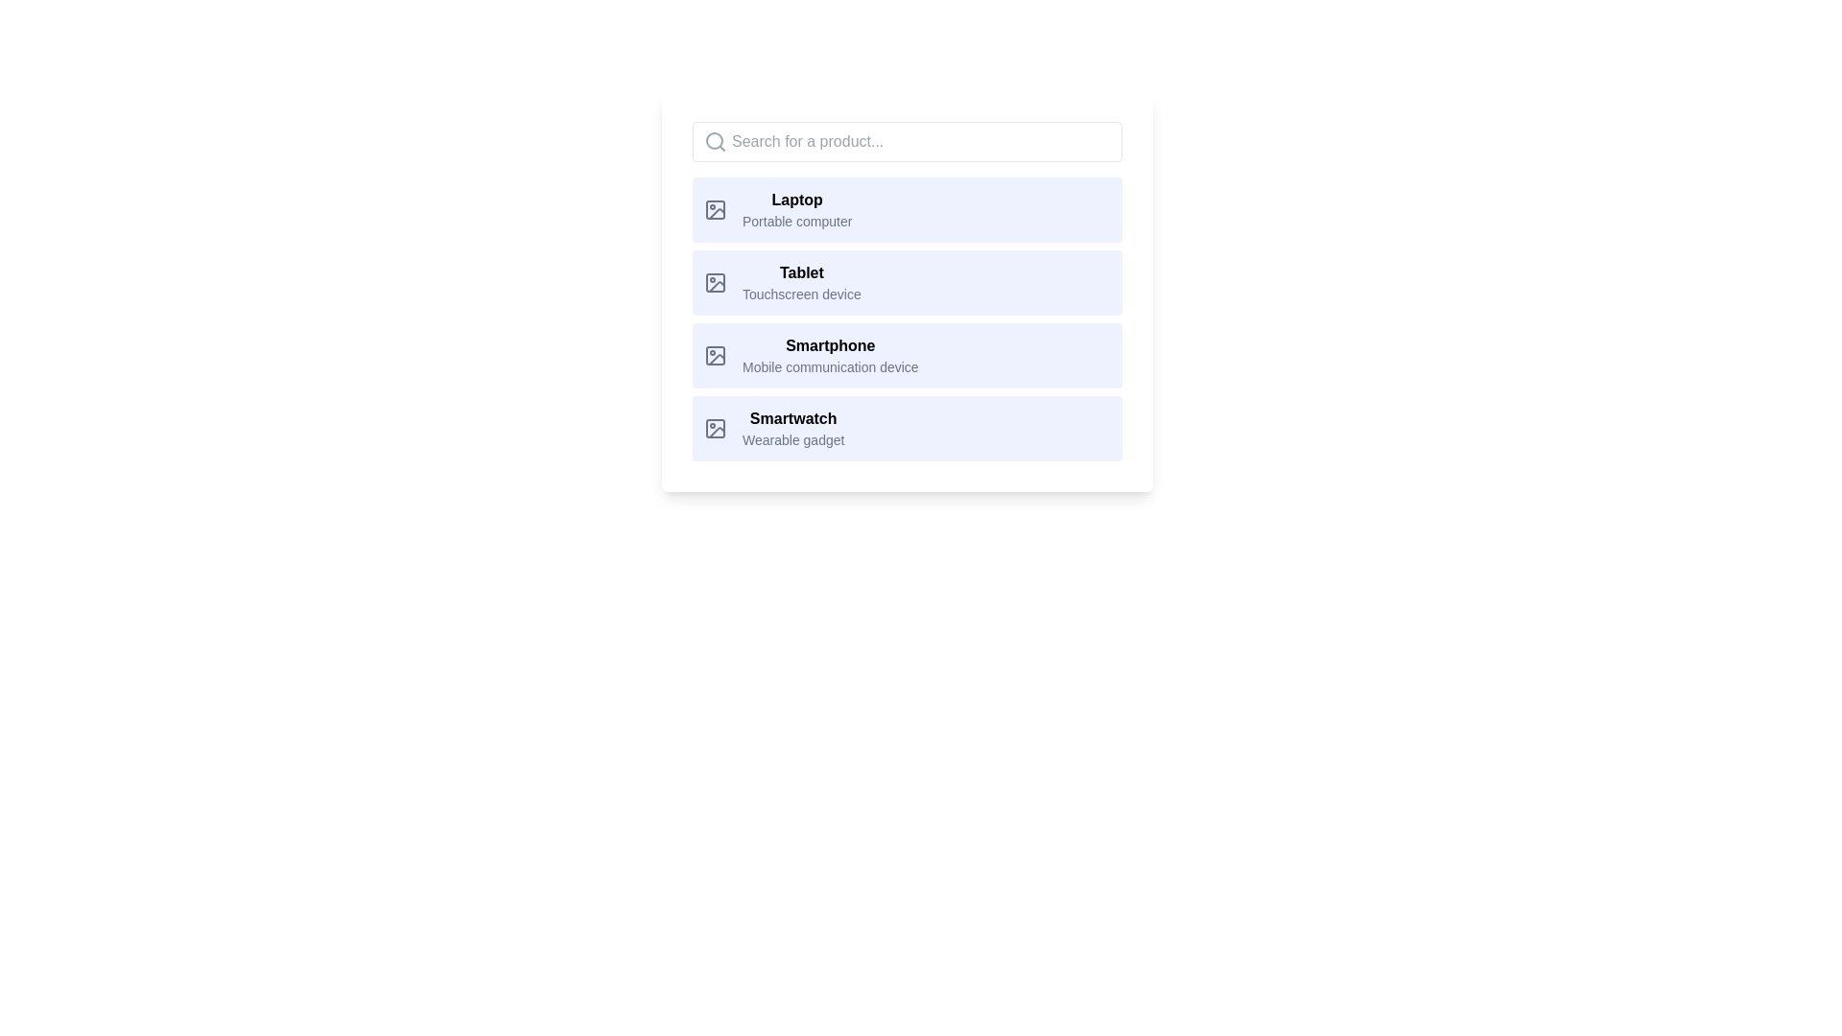 The height and width of the screenshot is (1036, 1842). I want to click on the second item in the dropdown list, which is a selectable option labeled 'Tablet', so click(906, 318).